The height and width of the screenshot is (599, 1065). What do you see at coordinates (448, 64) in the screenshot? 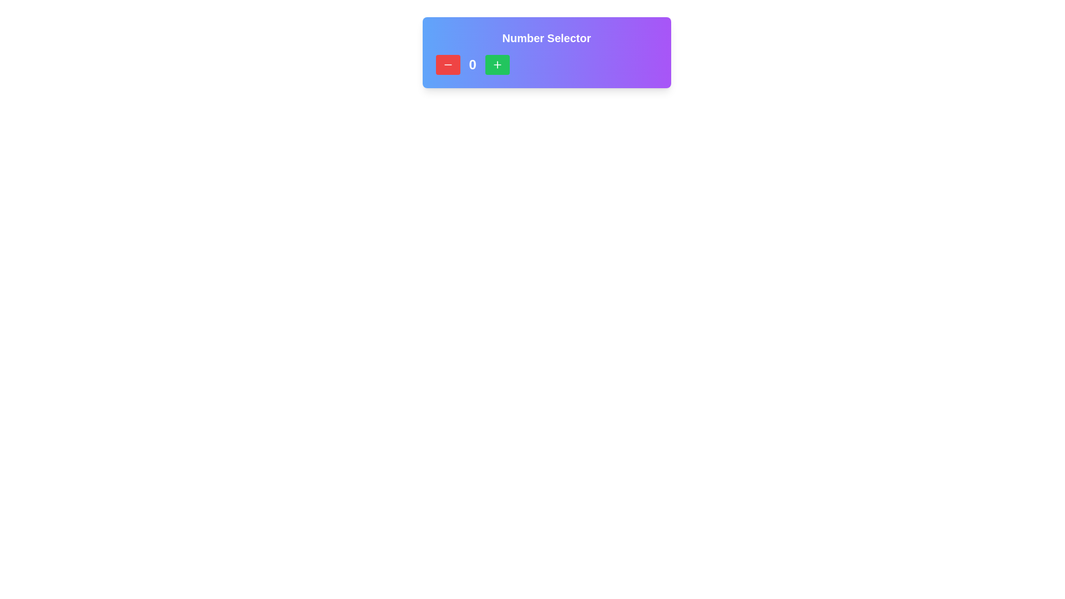
I see `the button that decreases the displayed numeric value, which is positioned to the left of a bold white '0' text and a green plus button` at bounding box center [448, 64].